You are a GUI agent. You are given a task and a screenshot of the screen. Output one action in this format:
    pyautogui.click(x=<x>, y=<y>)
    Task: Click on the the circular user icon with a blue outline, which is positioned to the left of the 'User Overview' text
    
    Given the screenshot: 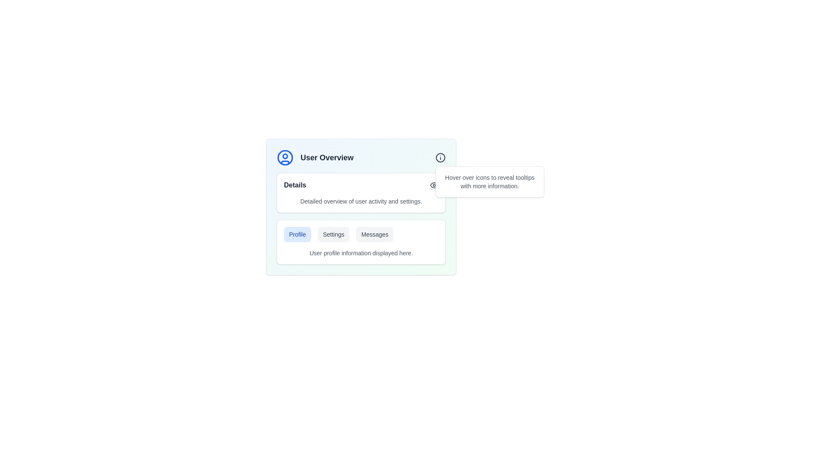 What is the action you would take?
    pyautogui.click(x=285, y=157)
    